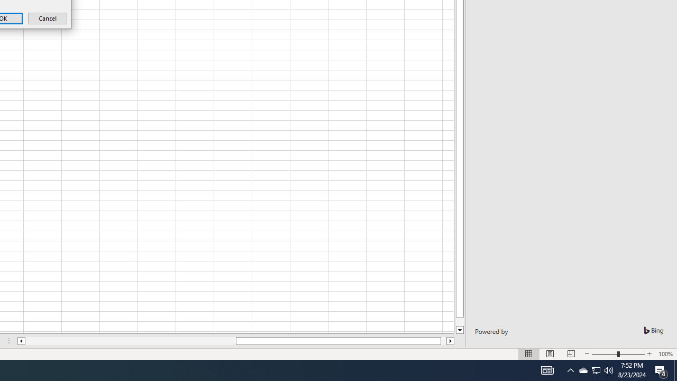 This screenshot has width=677, height=381. I want to click on 'Page left', so click(130, 341).